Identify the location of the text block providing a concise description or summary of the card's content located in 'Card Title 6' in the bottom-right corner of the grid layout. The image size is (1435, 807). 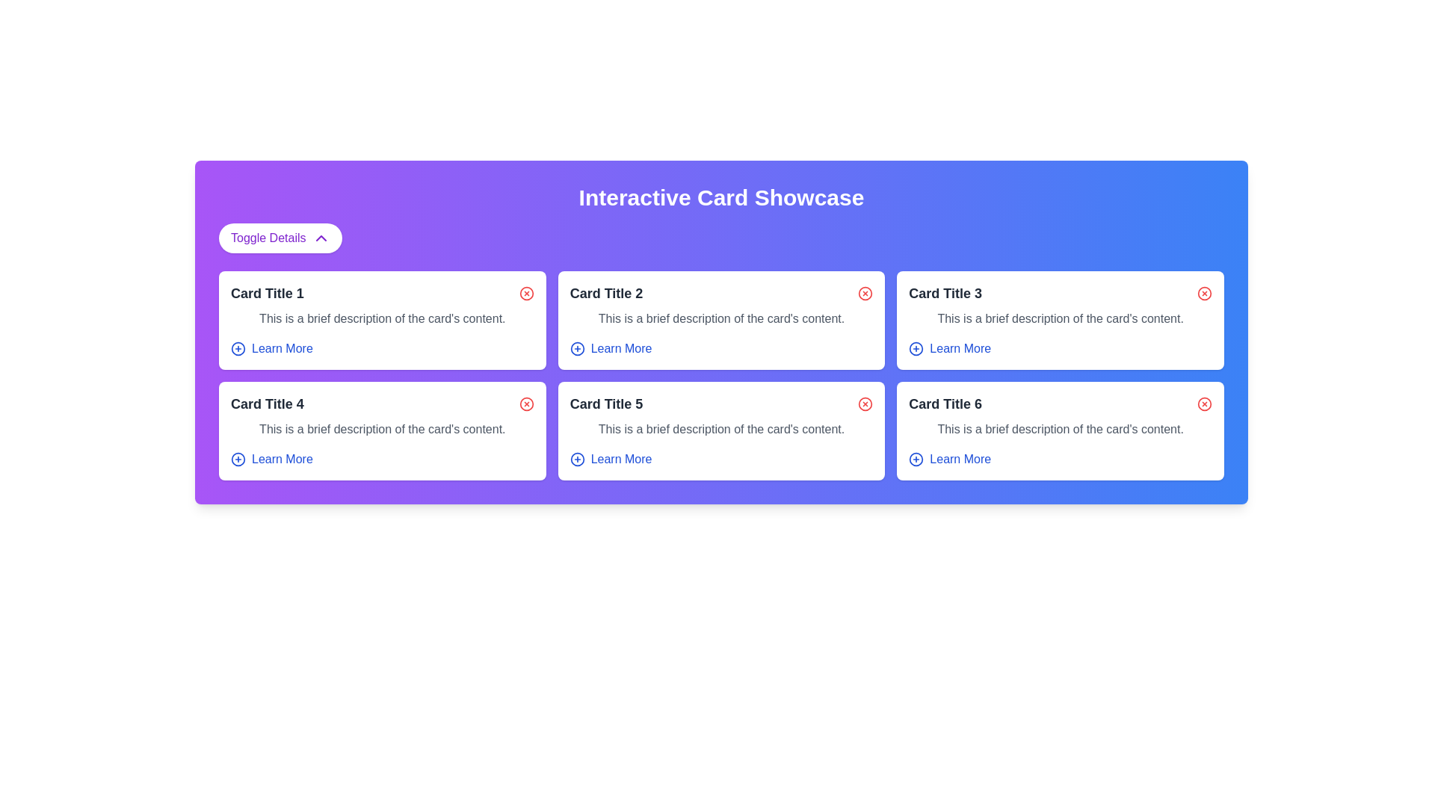
(1060, 429).